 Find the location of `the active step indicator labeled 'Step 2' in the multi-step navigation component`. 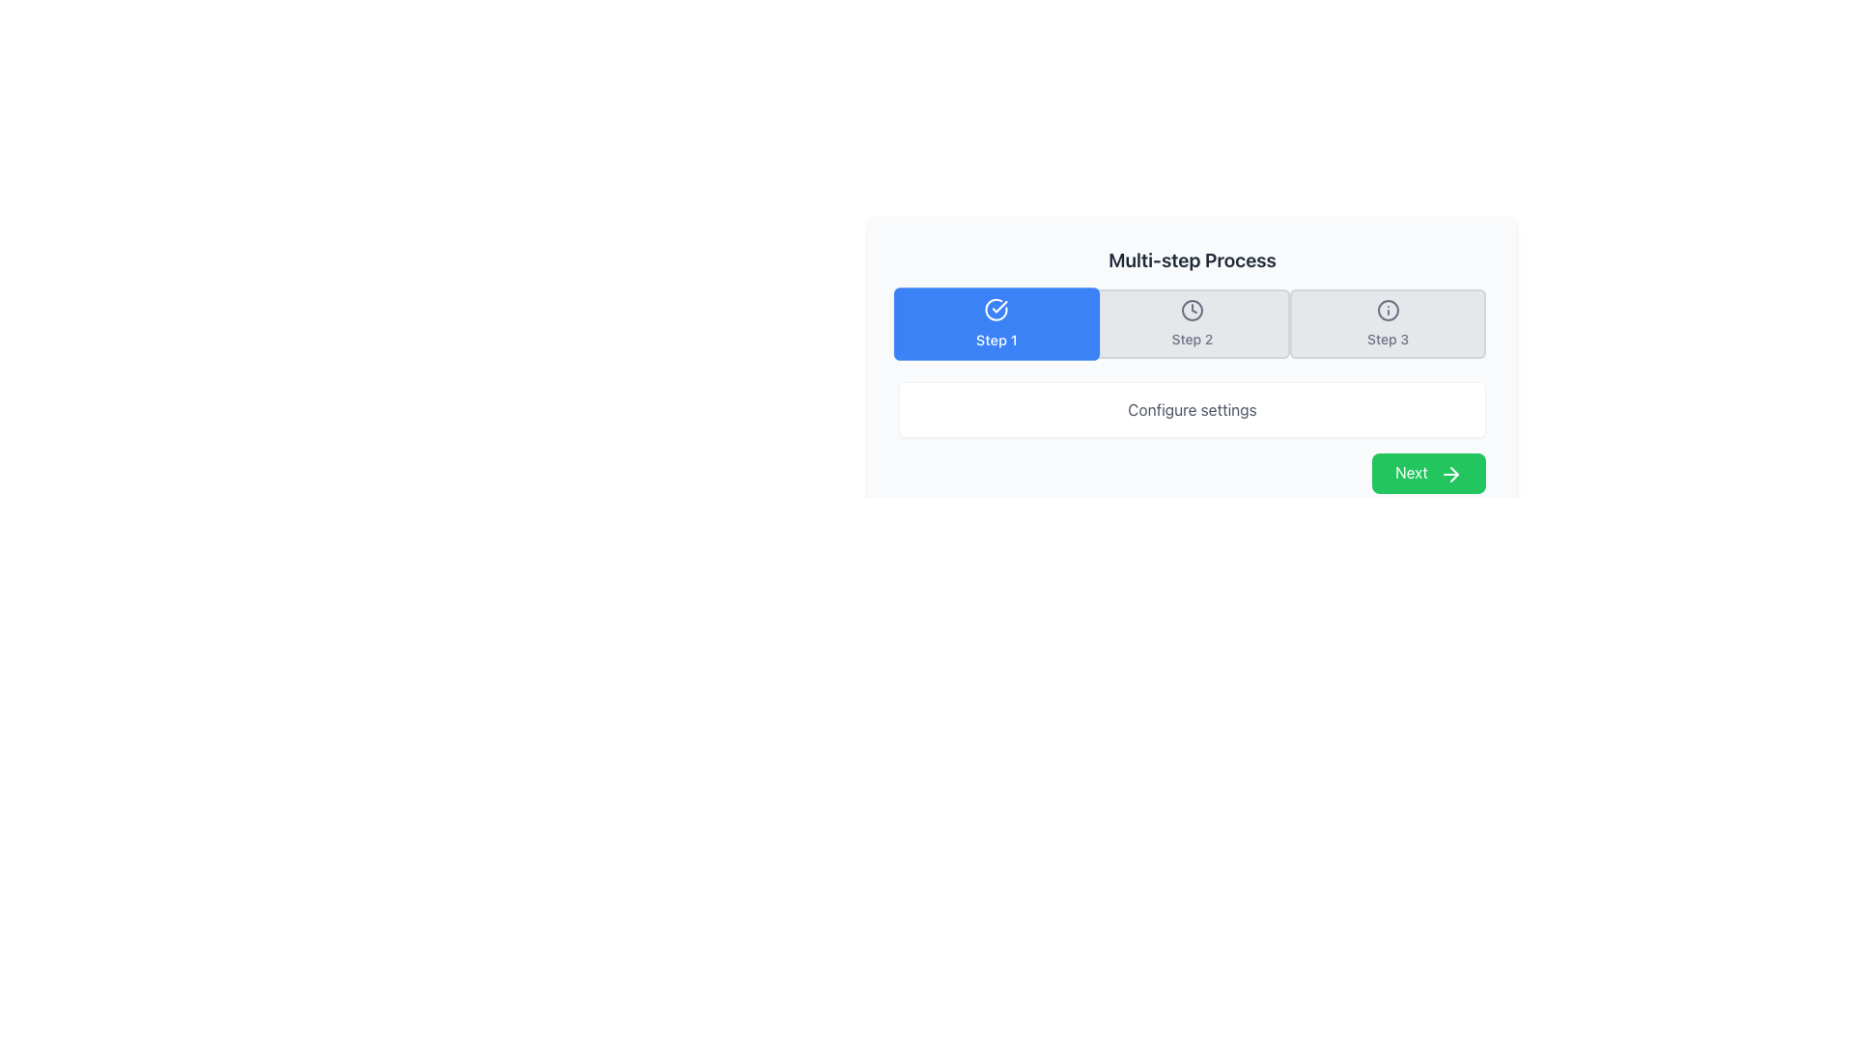

the active step indicator labeled 'Step 2' in the multi-step navigation component is located at coordinates (1191, 322).